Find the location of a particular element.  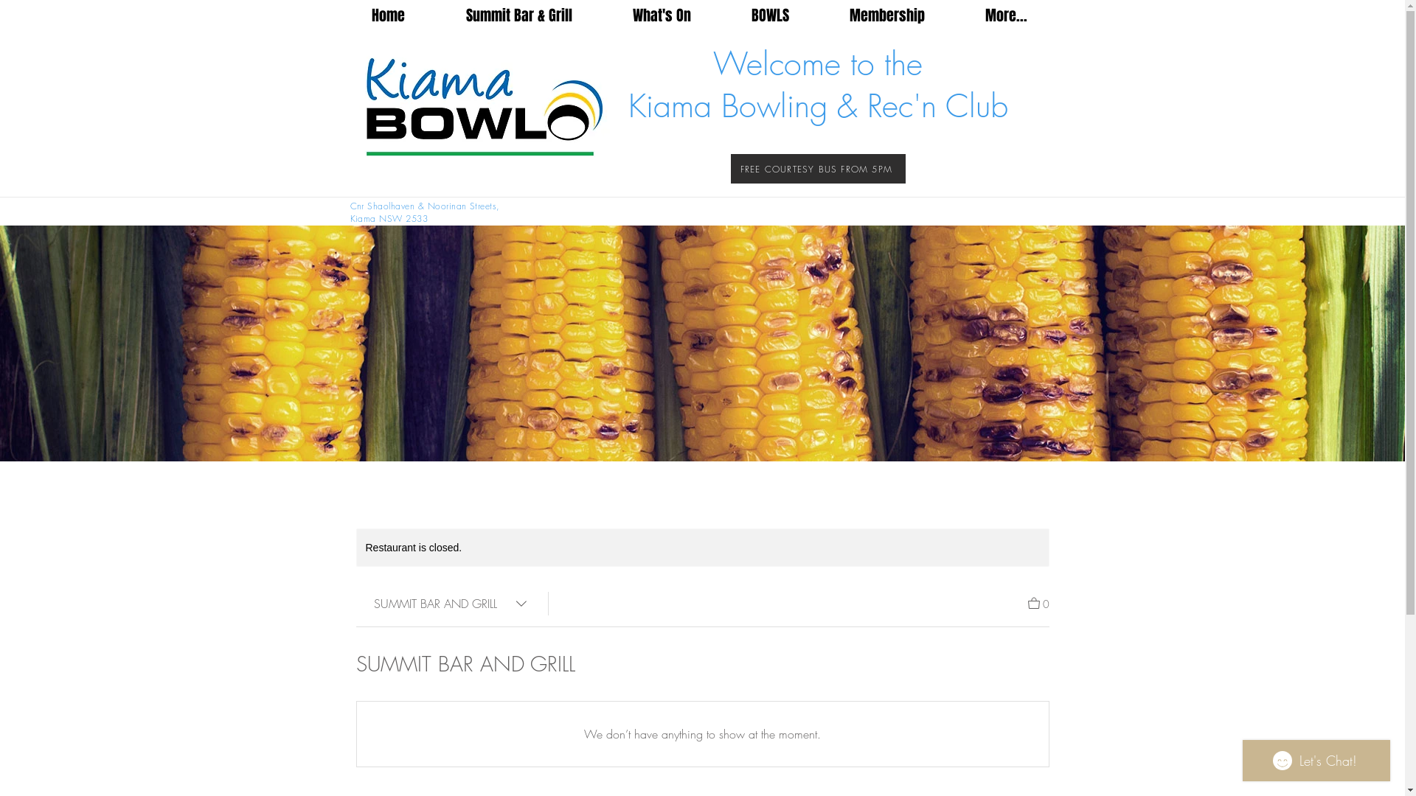

'0' is located at coordinates (1038, 602).